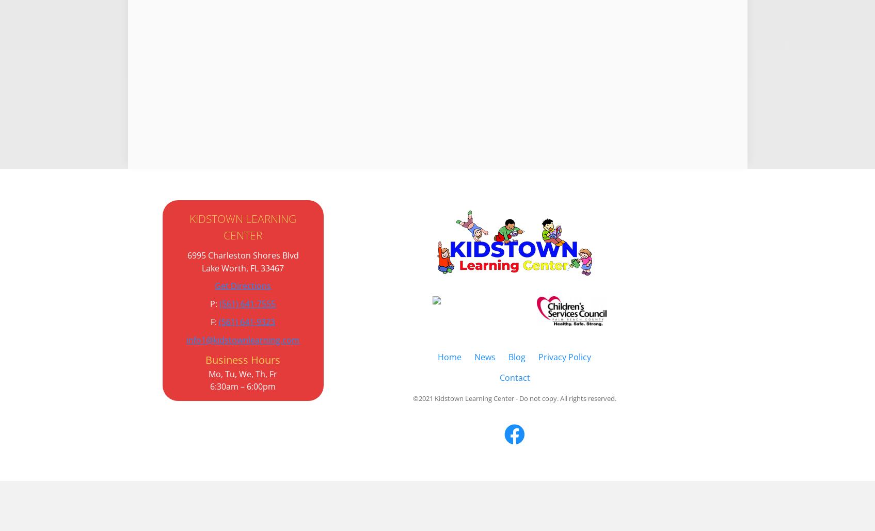 This screenshot has width=875, height=531. I want to click on 'Home', so click(449, 357).